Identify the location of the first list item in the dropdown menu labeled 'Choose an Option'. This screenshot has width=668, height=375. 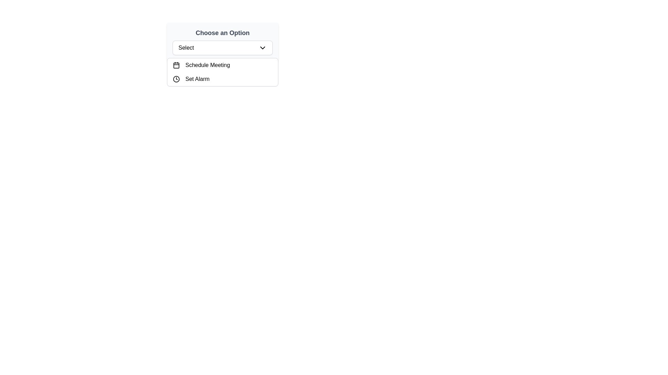
(222, 65).